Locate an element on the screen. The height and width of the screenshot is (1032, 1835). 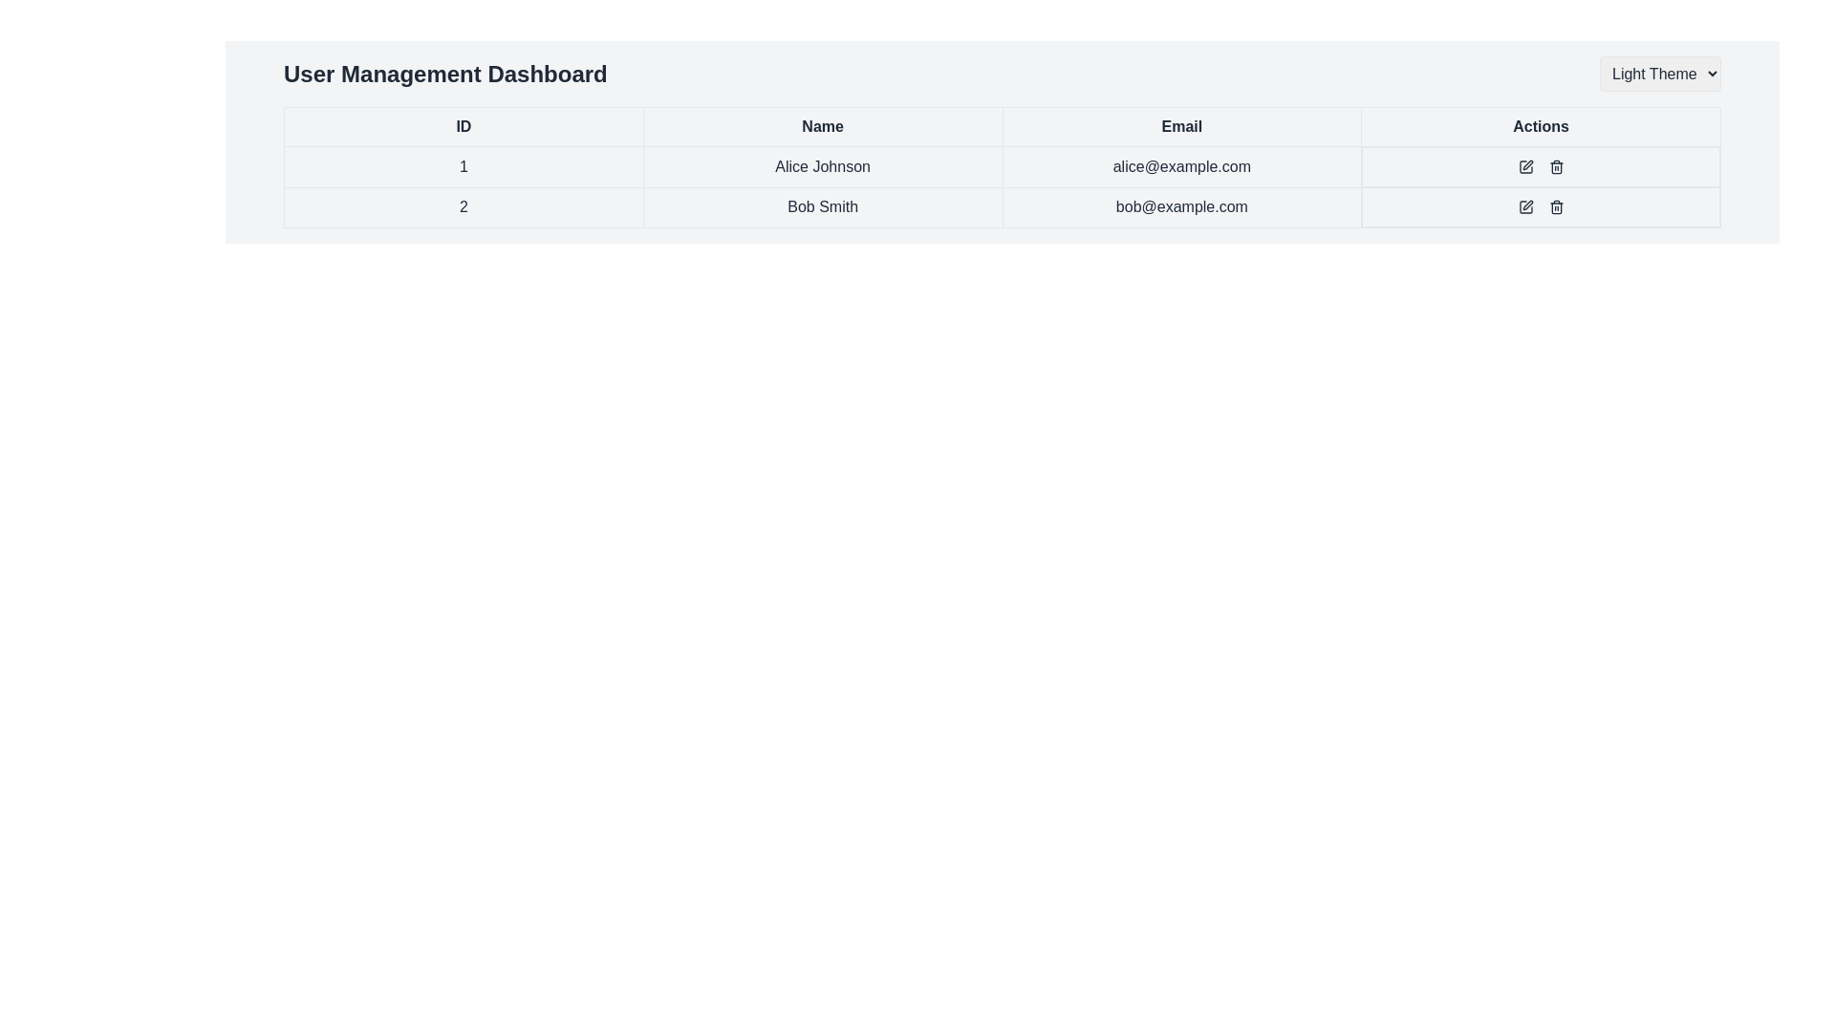
text label displaying the number '2' in the first column of the second row of a user management table for metadata is located at coordinates (464, 207).